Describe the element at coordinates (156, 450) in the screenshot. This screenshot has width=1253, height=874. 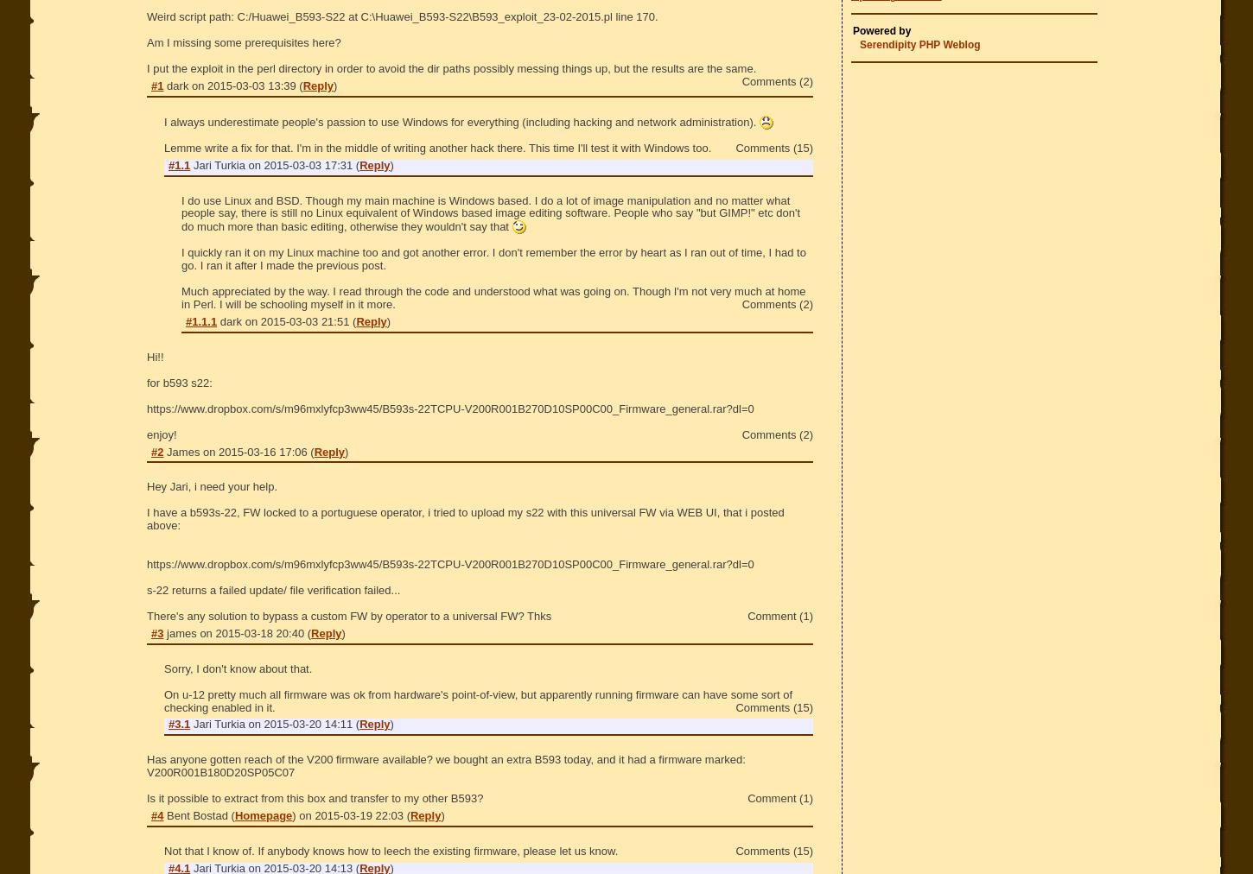
I see `'#2'` at that location.